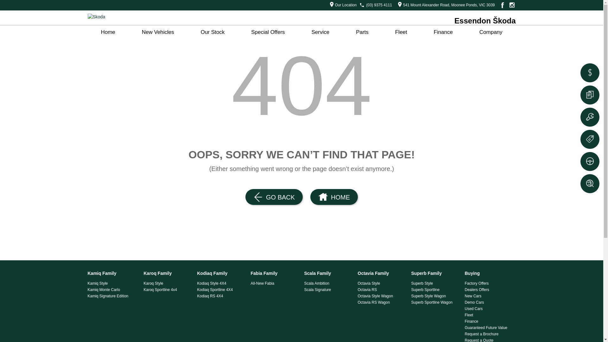 This screenshot has height=342, width=608. What do you see at coordinates (221, 296) in the screenshot?
I see `'Kodiaq RS 4X4'` at bounding box center [221, 296].